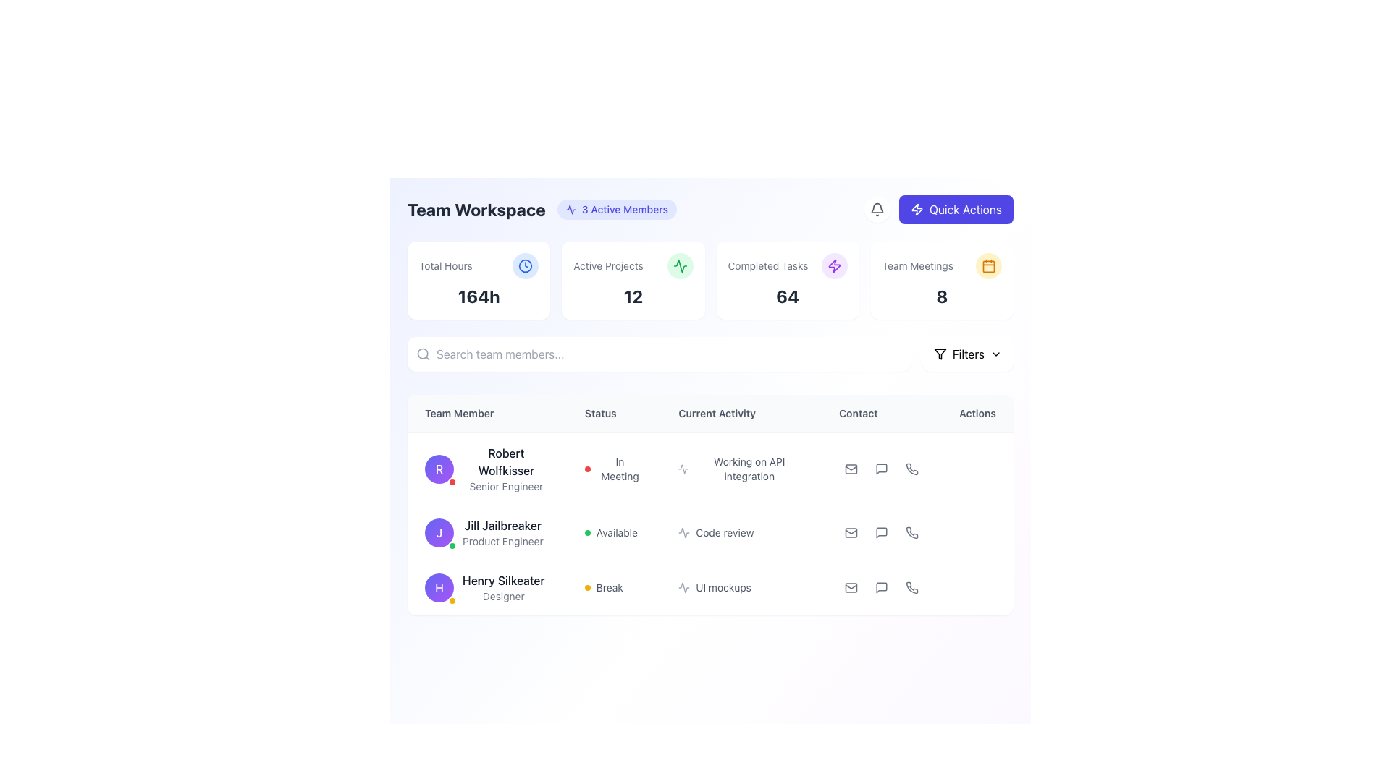 This screenshot has height=781, width=1390. I want to click on the first column header text label in the table that indicates details about team members, located just below 'Search team members...', so click(487, 414).